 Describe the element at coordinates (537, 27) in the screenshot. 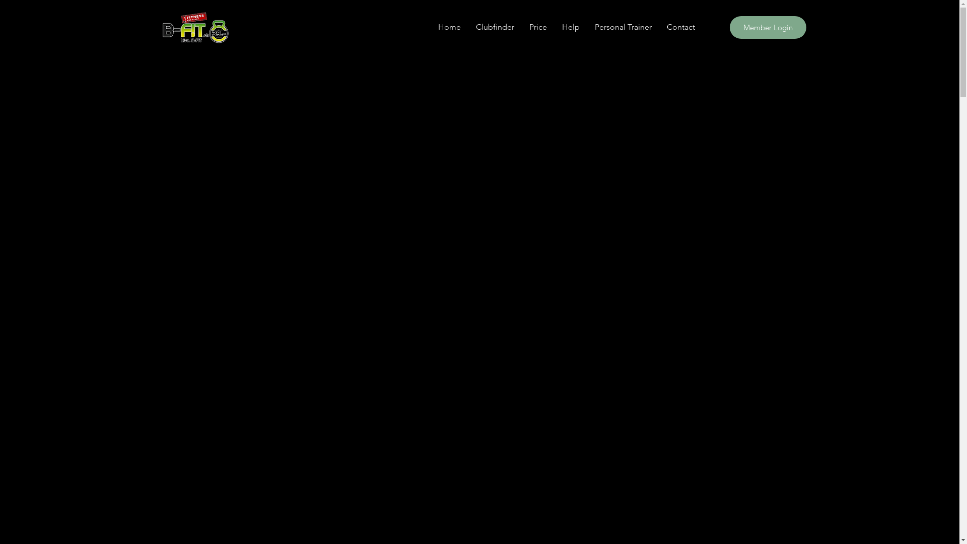

I see `'Price'` at that location.